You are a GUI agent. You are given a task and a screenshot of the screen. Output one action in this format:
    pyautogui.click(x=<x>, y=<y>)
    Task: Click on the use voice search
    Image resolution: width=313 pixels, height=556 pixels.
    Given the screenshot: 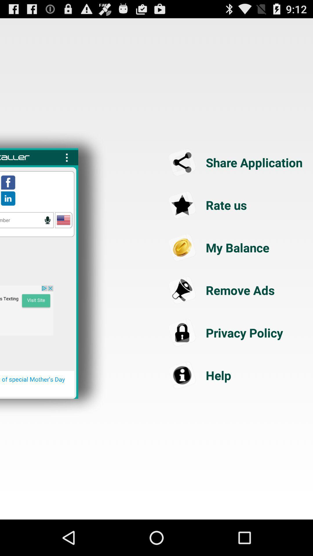 What is the action you would take?
    pyautogui.click(x=27, y=220)
    